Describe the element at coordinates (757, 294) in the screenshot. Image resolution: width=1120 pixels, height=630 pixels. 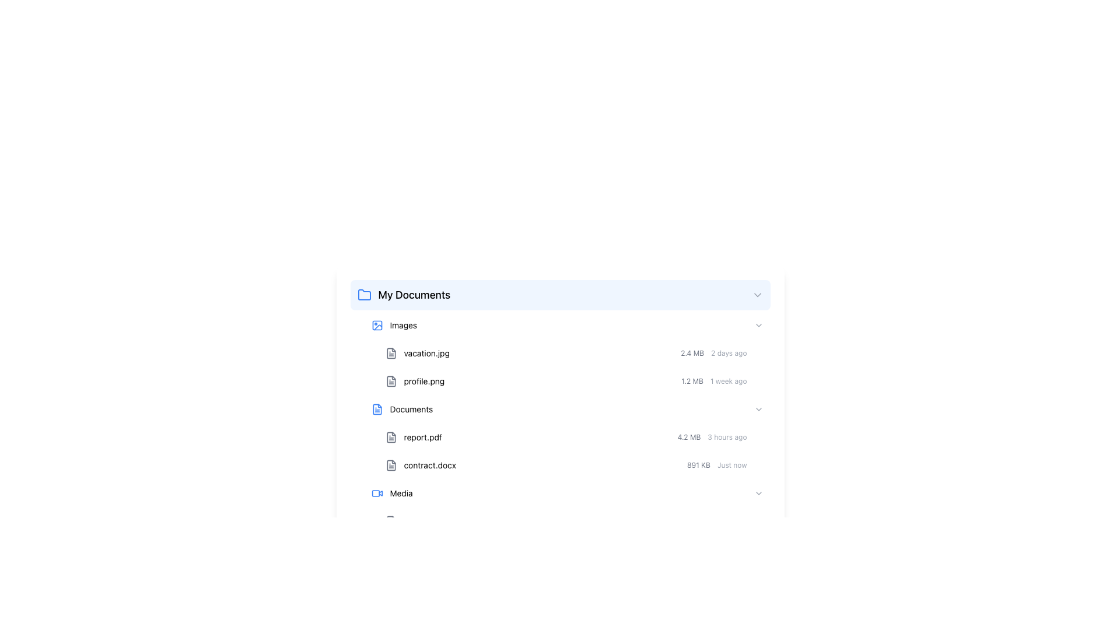
I see `the collapsible indicator arrow in the top-right corner of the 'My Documents' section header` at that location.